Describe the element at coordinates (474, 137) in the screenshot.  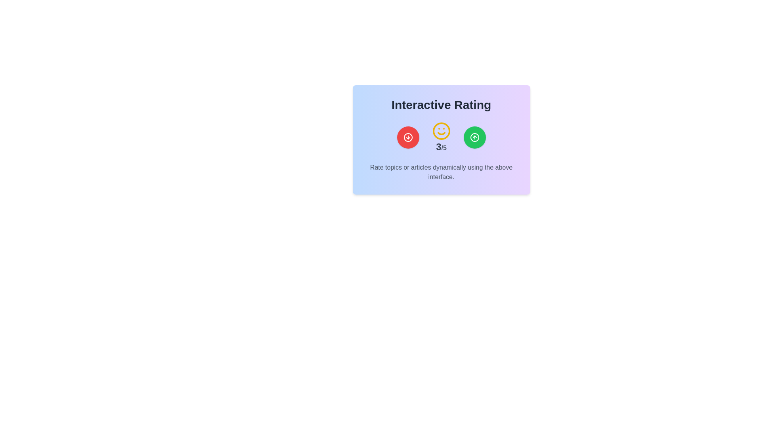
I see `the SVG Circle Element, which is a circular outline with a radius of 10 units, located within the green circular icon on the right in the rating interface` at that location.